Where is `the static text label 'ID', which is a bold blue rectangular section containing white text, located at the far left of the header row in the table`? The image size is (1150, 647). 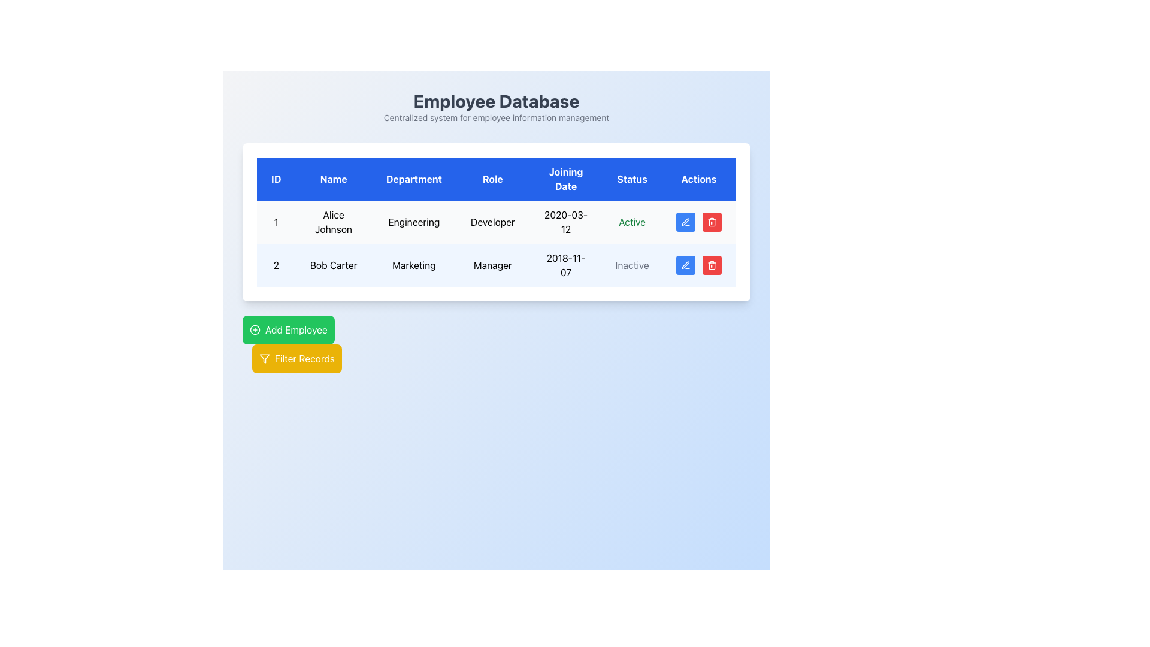 the static text label 'ID', which is a bold blue rectangular section containing white text, located at the far left of the header row in the table is located at coordinates (276, 179).